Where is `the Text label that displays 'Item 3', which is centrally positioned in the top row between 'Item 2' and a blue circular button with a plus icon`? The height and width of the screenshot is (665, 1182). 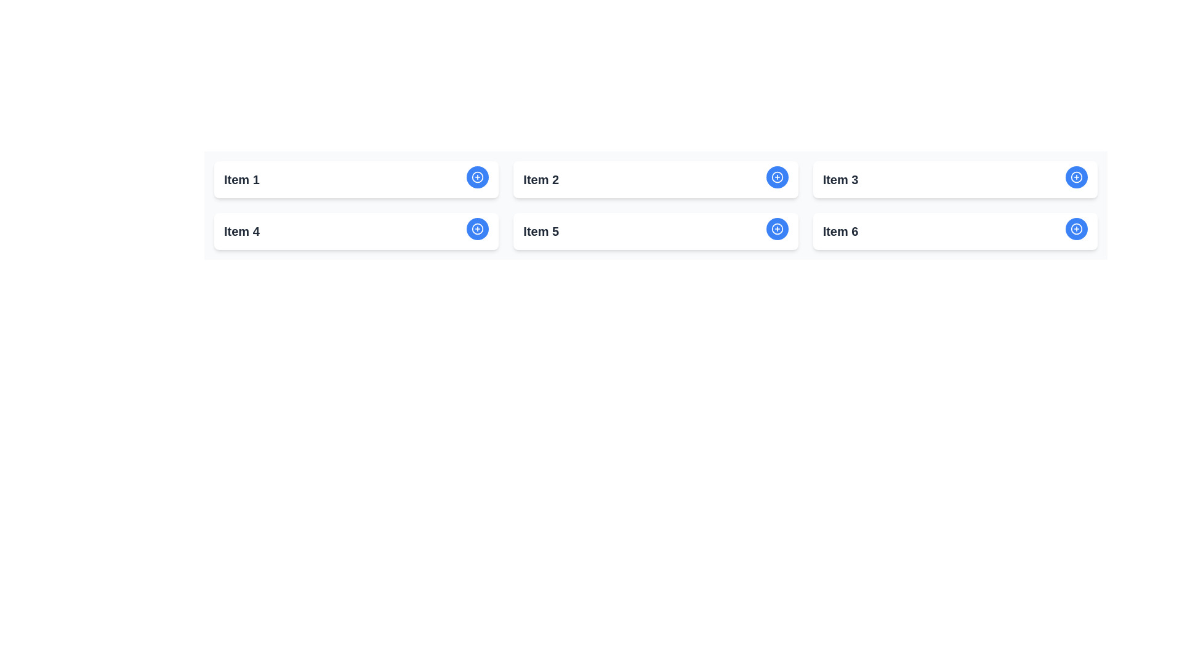 the Text label that displays 'Item 3', which is centrally positioned in the top row between 'Item 2' and a blue circular button with a plus icon is located at coordinates (840, 180).